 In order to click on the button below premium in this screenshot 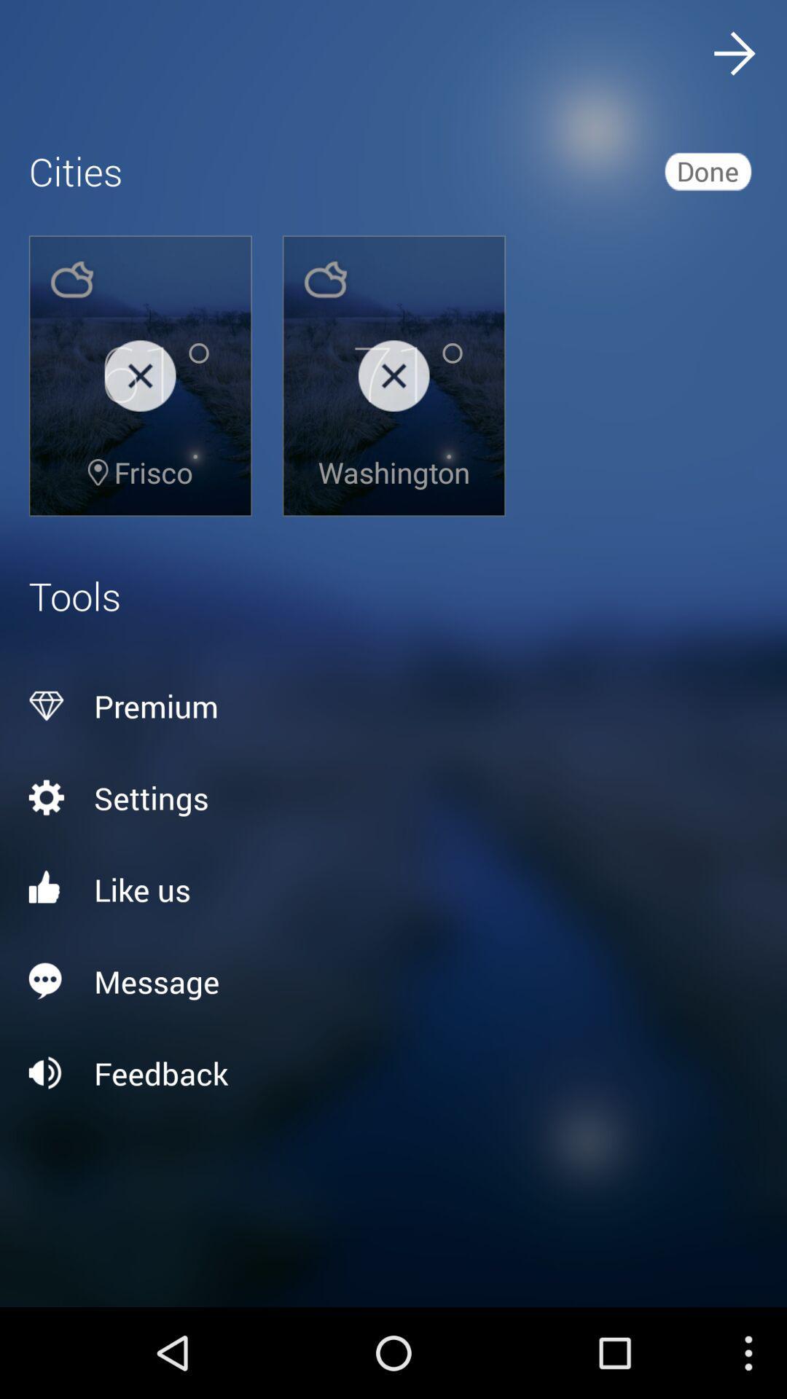, I will do `click(393, 796)`.